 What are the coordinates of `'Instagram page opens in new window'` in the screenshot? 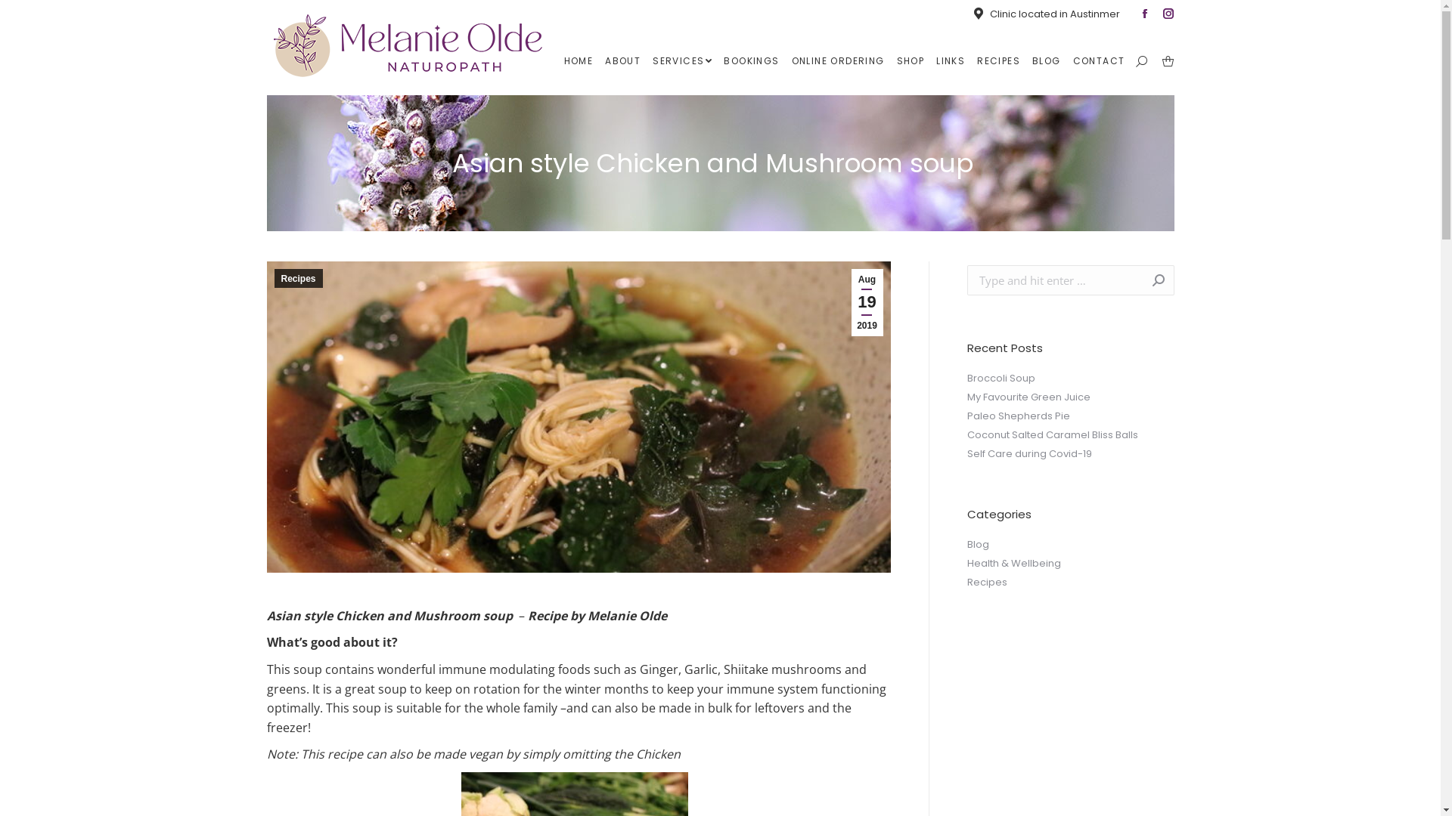 It's located at (1168, 14).